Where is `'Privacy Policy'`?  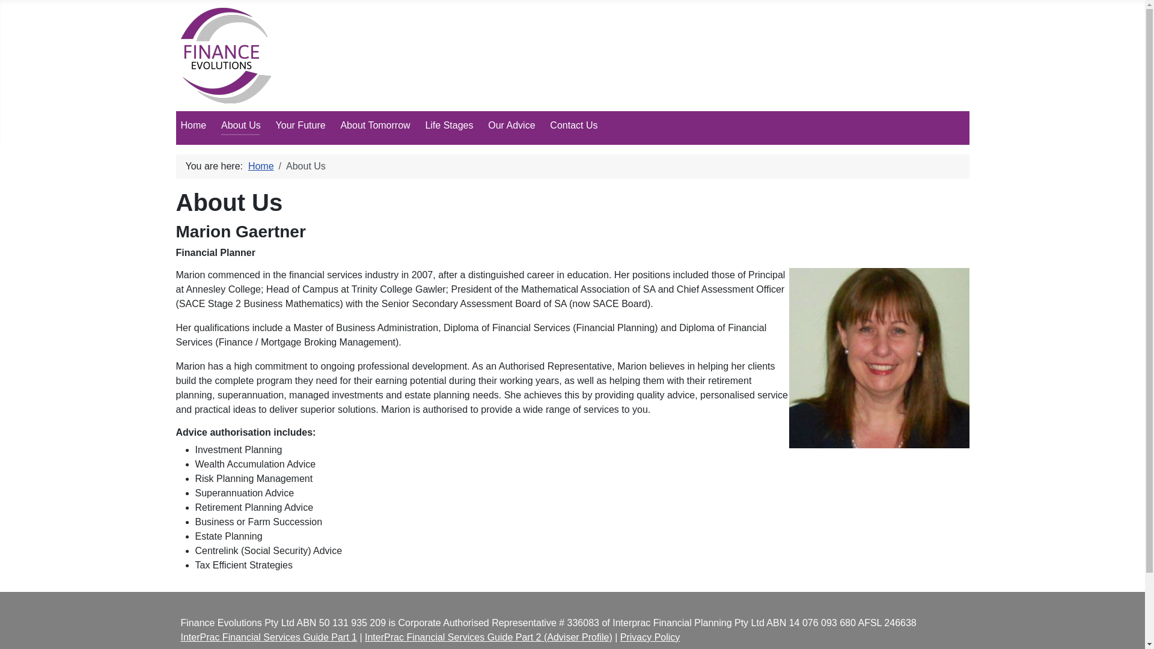
'Privacy Policy' is located at coordinates (649, 636).